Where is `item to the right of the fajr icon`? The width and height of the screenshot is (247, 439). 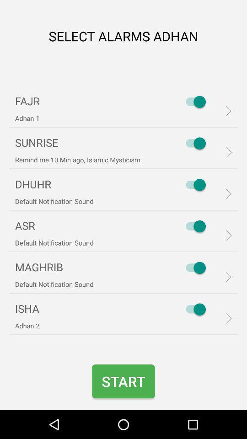 item to the right of the fajr icon is located at coordinates (193, 102).